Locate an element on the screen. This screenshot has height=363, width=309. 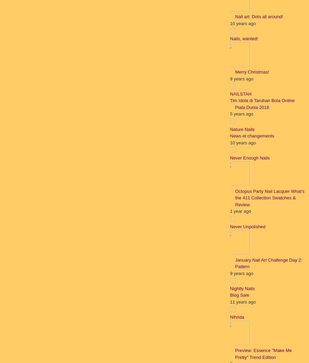
'Nail art: Dots all around!' is located at coordinates (259, 16).